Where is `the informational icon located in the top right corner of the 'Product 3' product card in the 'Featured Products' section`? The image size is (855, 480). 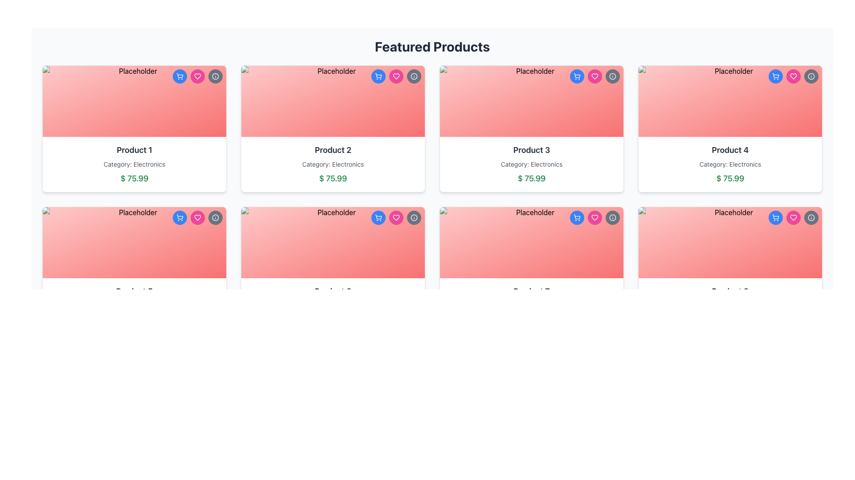
the informational icon located in the top right corner of the 'Product 3' product card in the 'Featured Products' section is located at coordinates (612, 76).